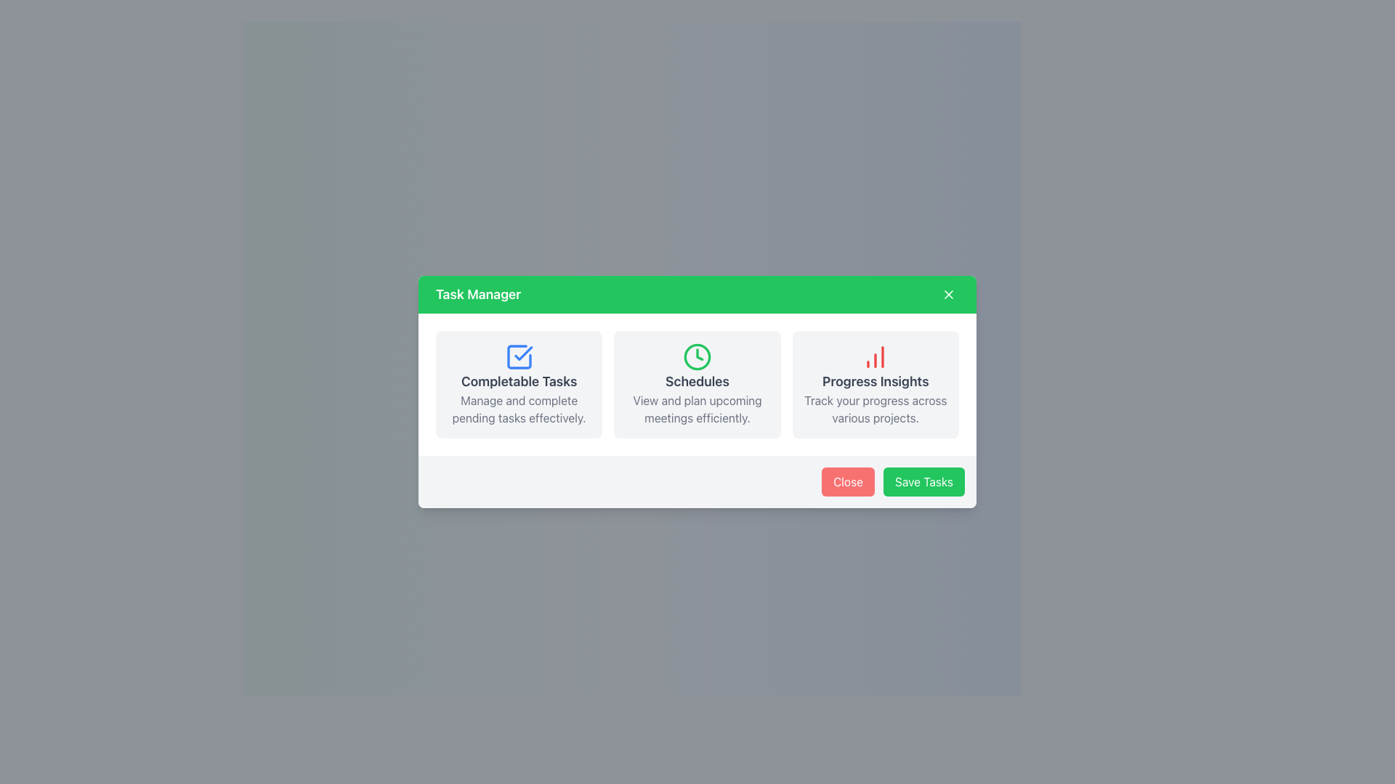  What do you see at coordinates (875, 409) in the screenshot?
I see `the light-gray text label reading 'Track your progress across various projects' located beneath the title 'Progress Insights' in the 'Progress Insights' panel` at bounding box center [875, 409].